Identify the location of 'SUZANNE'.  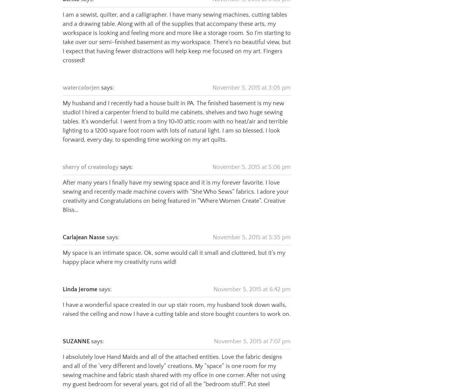
(76, 331).